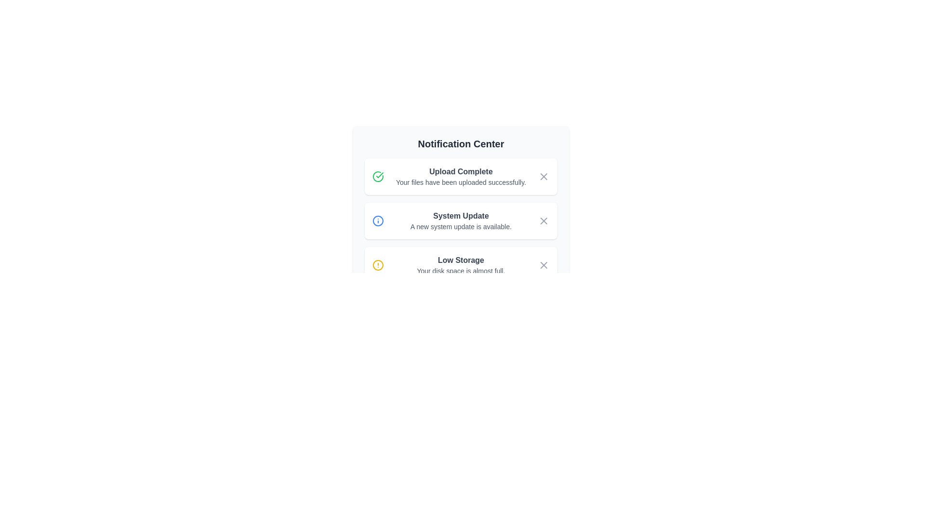  Describe the element at coordinates (543, 265) in the screenshot. I see `the 'X' button of the alert with the header Low Storage` at that location.